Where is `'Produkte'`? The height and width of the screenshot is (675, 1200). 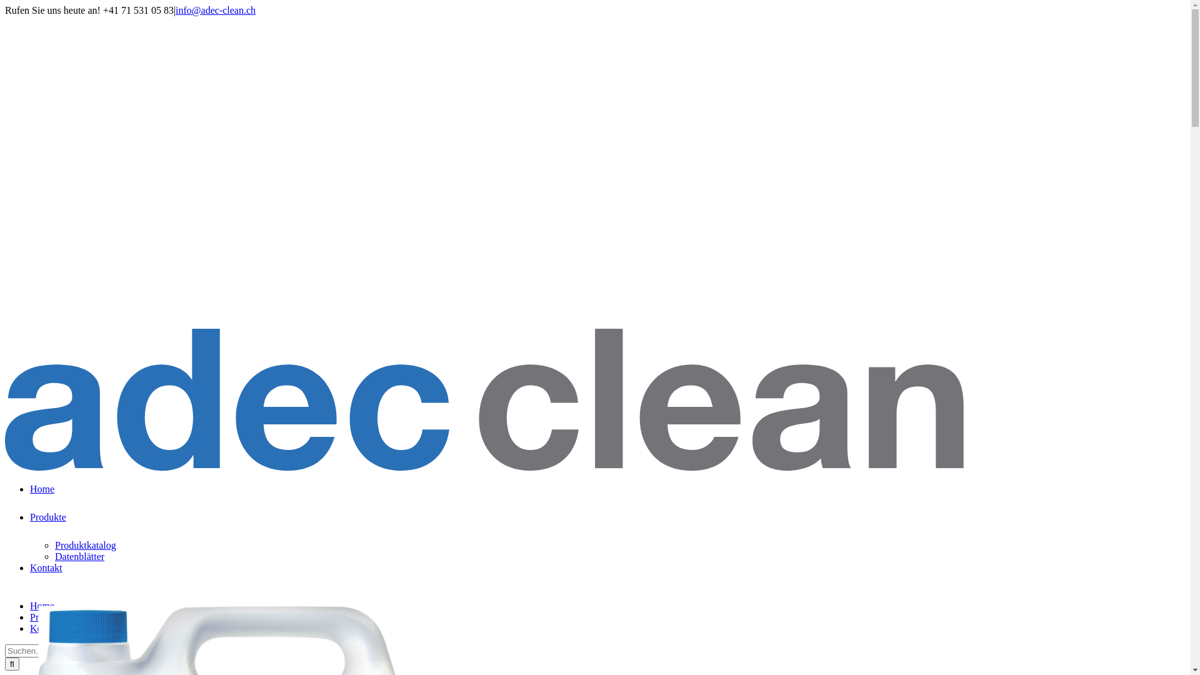
'Produkte' is located at coordinates (47, 526).